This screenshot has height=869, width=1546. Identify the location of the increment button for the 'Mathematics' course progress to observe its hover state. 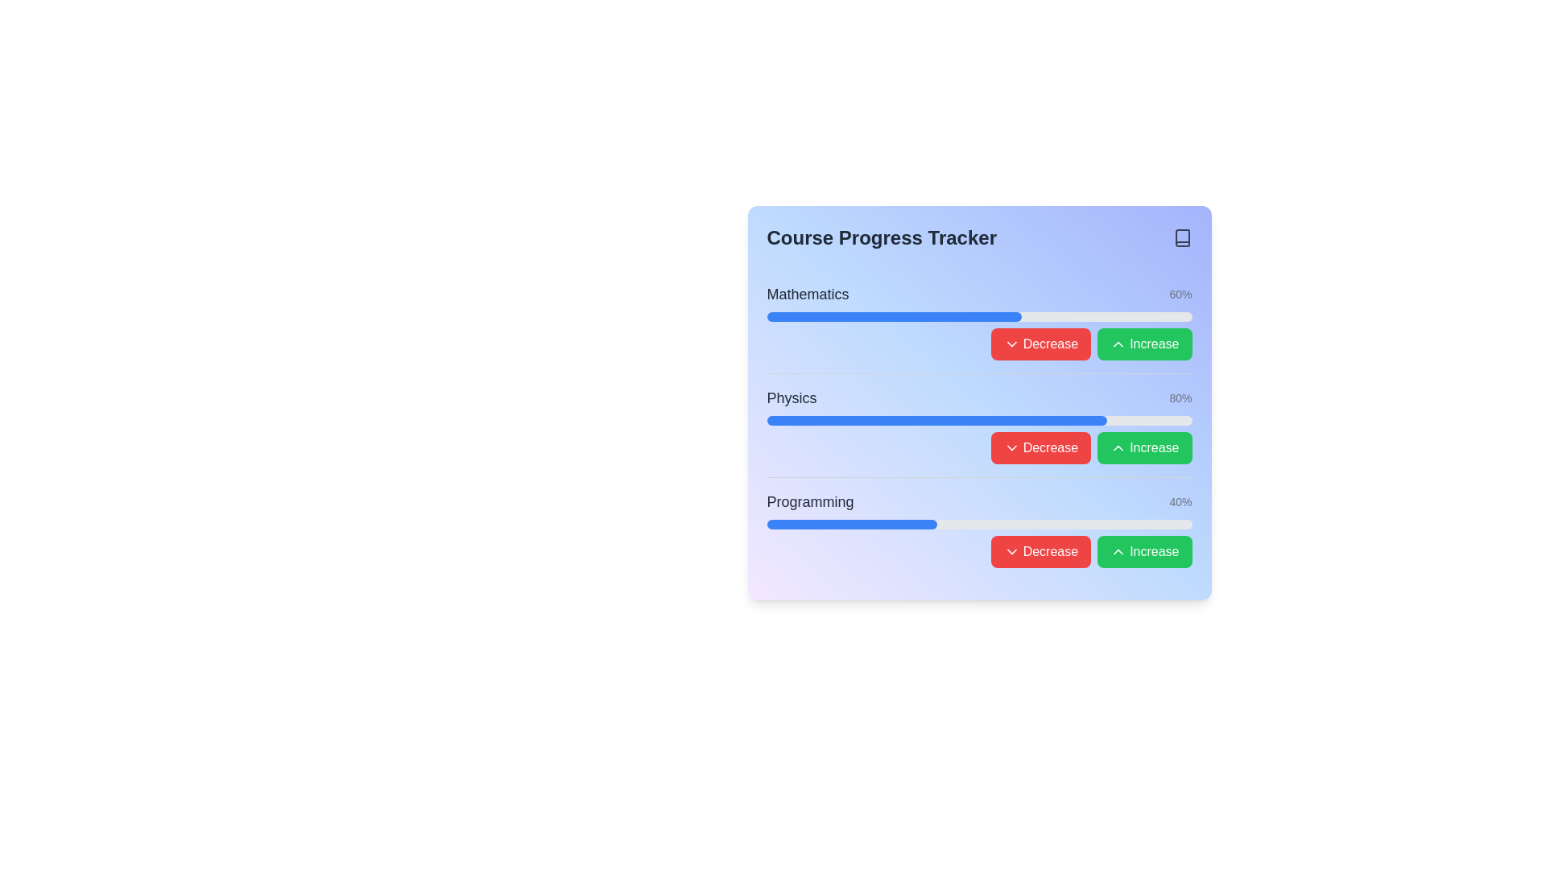
(1143, 344).